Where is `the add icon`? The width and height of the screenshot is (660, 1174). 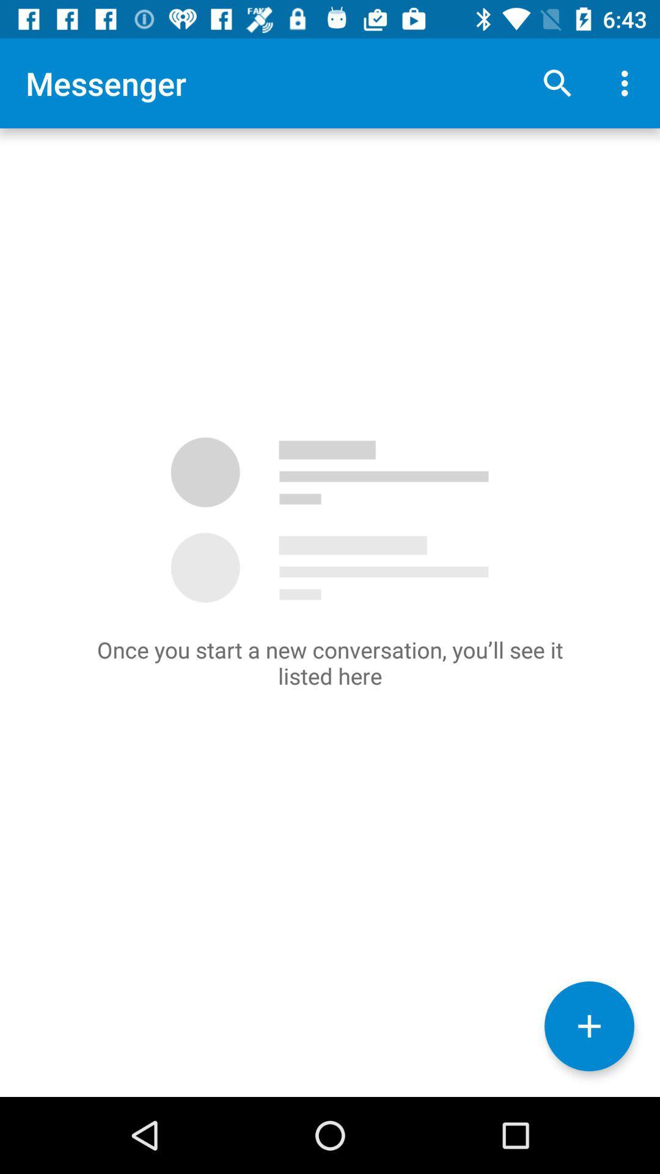 the add icon is located at coordinates (588, 1026).